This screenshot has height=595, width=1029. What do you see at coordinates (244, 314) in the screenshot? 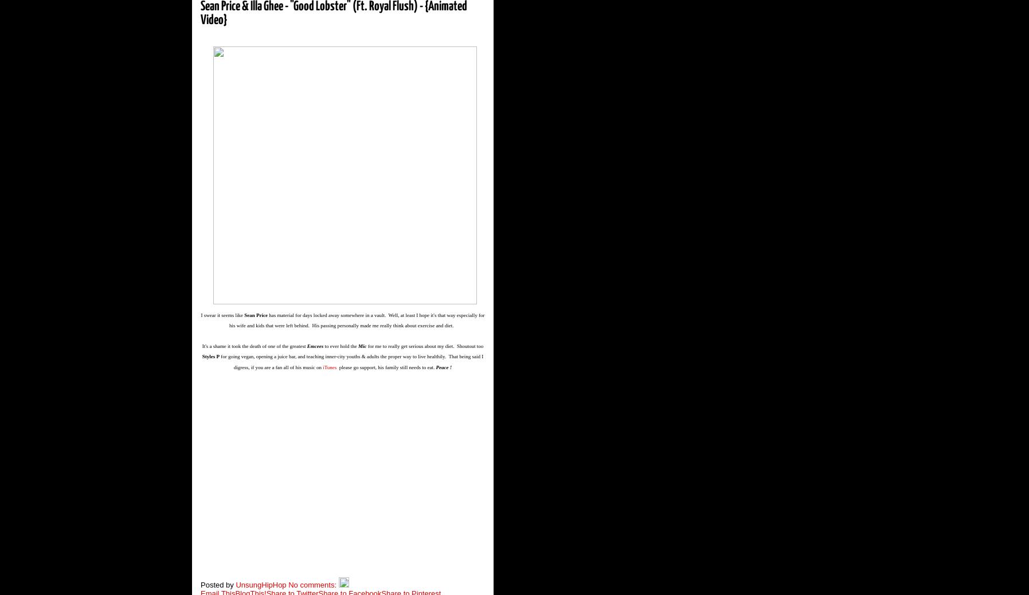
I see `'Sean Price'` at bounding box center [244, 314].